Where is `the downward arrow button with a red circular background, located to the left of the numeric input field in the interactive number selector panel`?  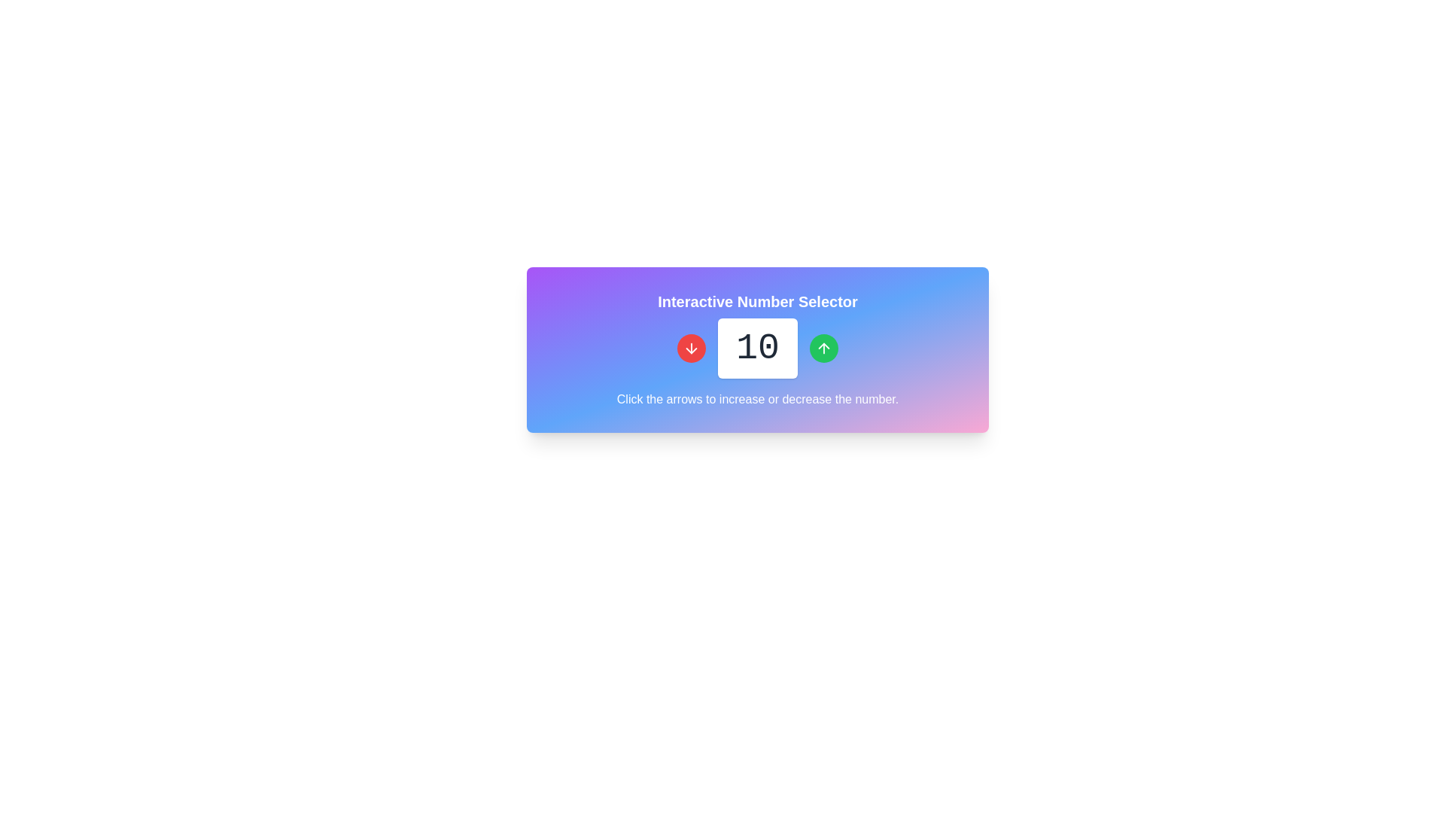 the downward arrow button with a red circular background, located to the left of the numeric input field in the interactive number selector panel is located at coordinates (691, 348).